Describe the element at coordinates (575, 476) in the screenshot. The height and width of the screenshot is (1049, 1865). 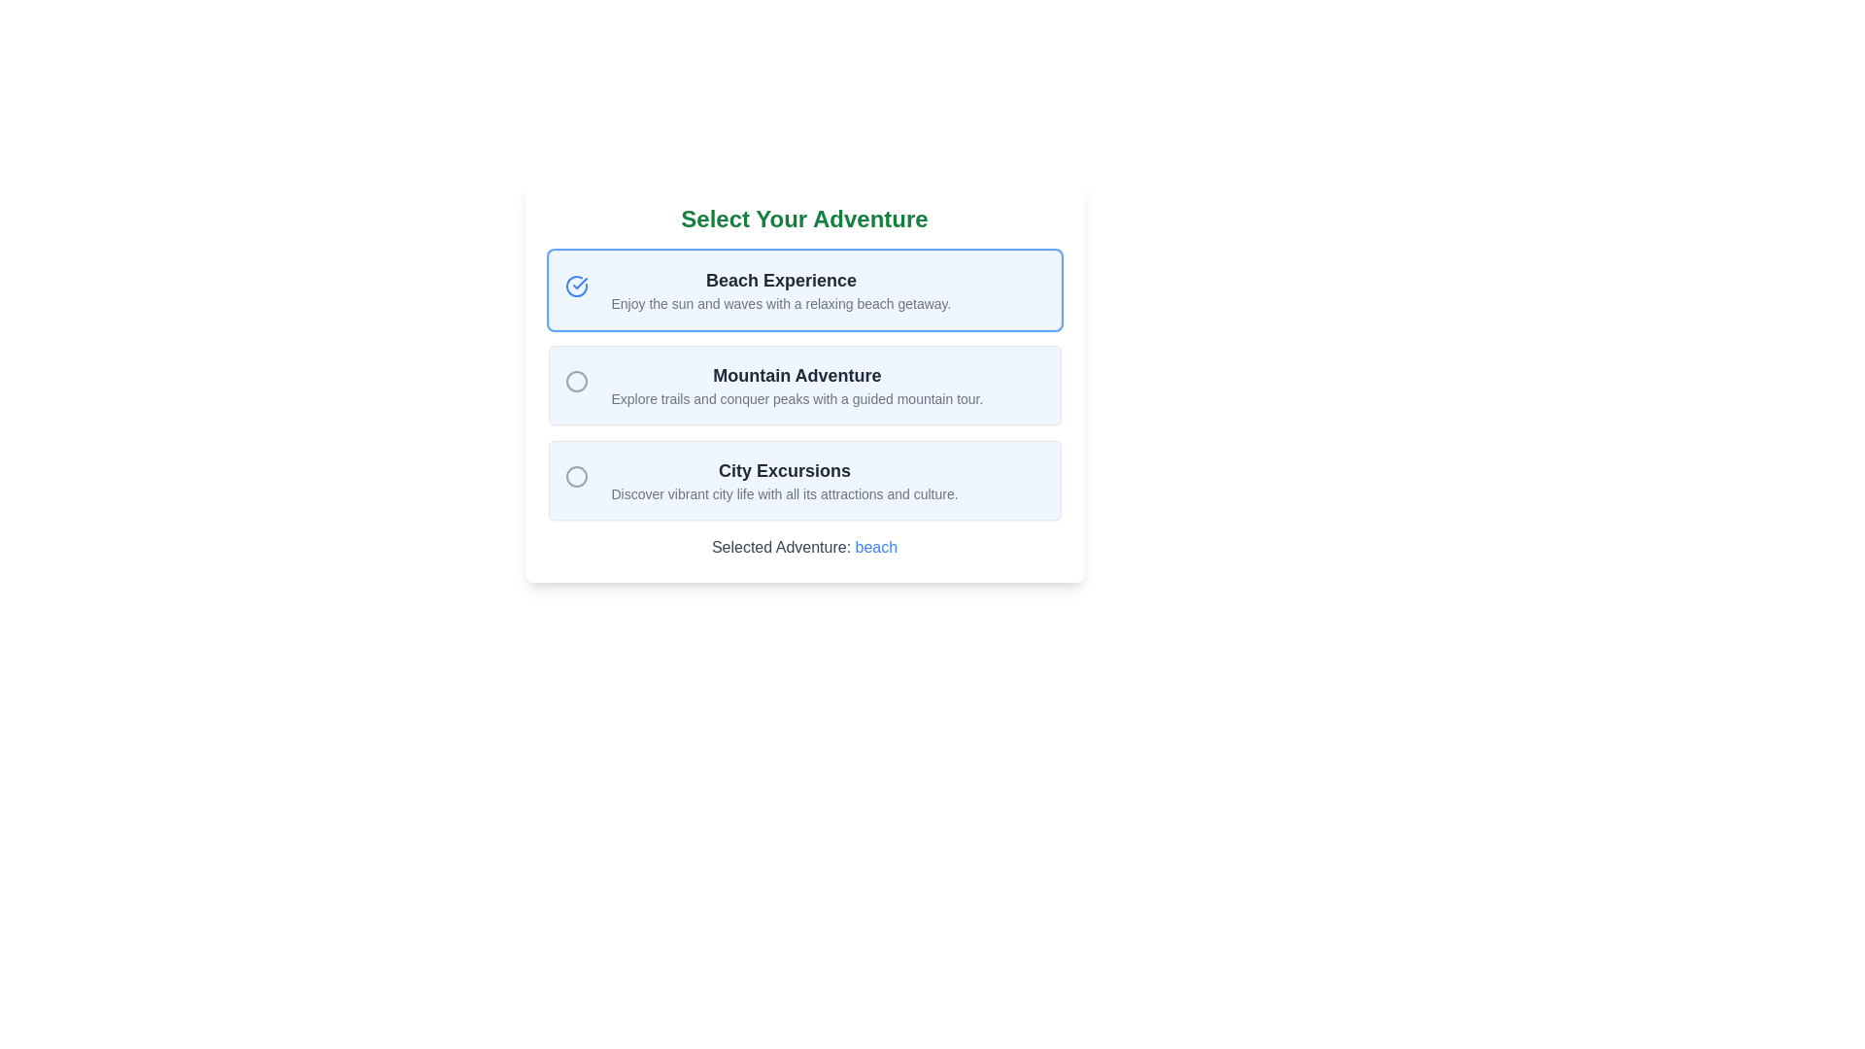
I see `the styling of the graphical circle located to the left of the 'City Excursions' text, which is the last option in the adventure selection list` at that location.